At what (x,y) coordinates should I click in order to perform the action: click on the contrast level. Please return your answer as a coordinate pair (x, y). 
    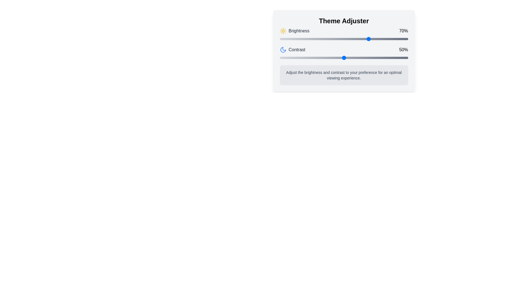
    Looking at the image, I should click on (319, 58).